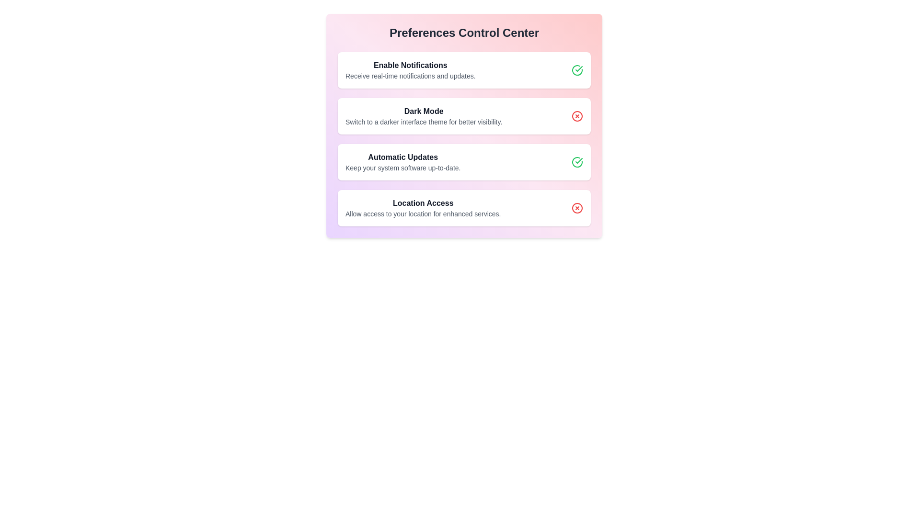  Describe the element at coordinates (423, 116) in the screenshot. I see `descriptive text of the 'Dark Mode' settings option, which states 'Switch to a darker interface theme for better visibility.'` at that location.